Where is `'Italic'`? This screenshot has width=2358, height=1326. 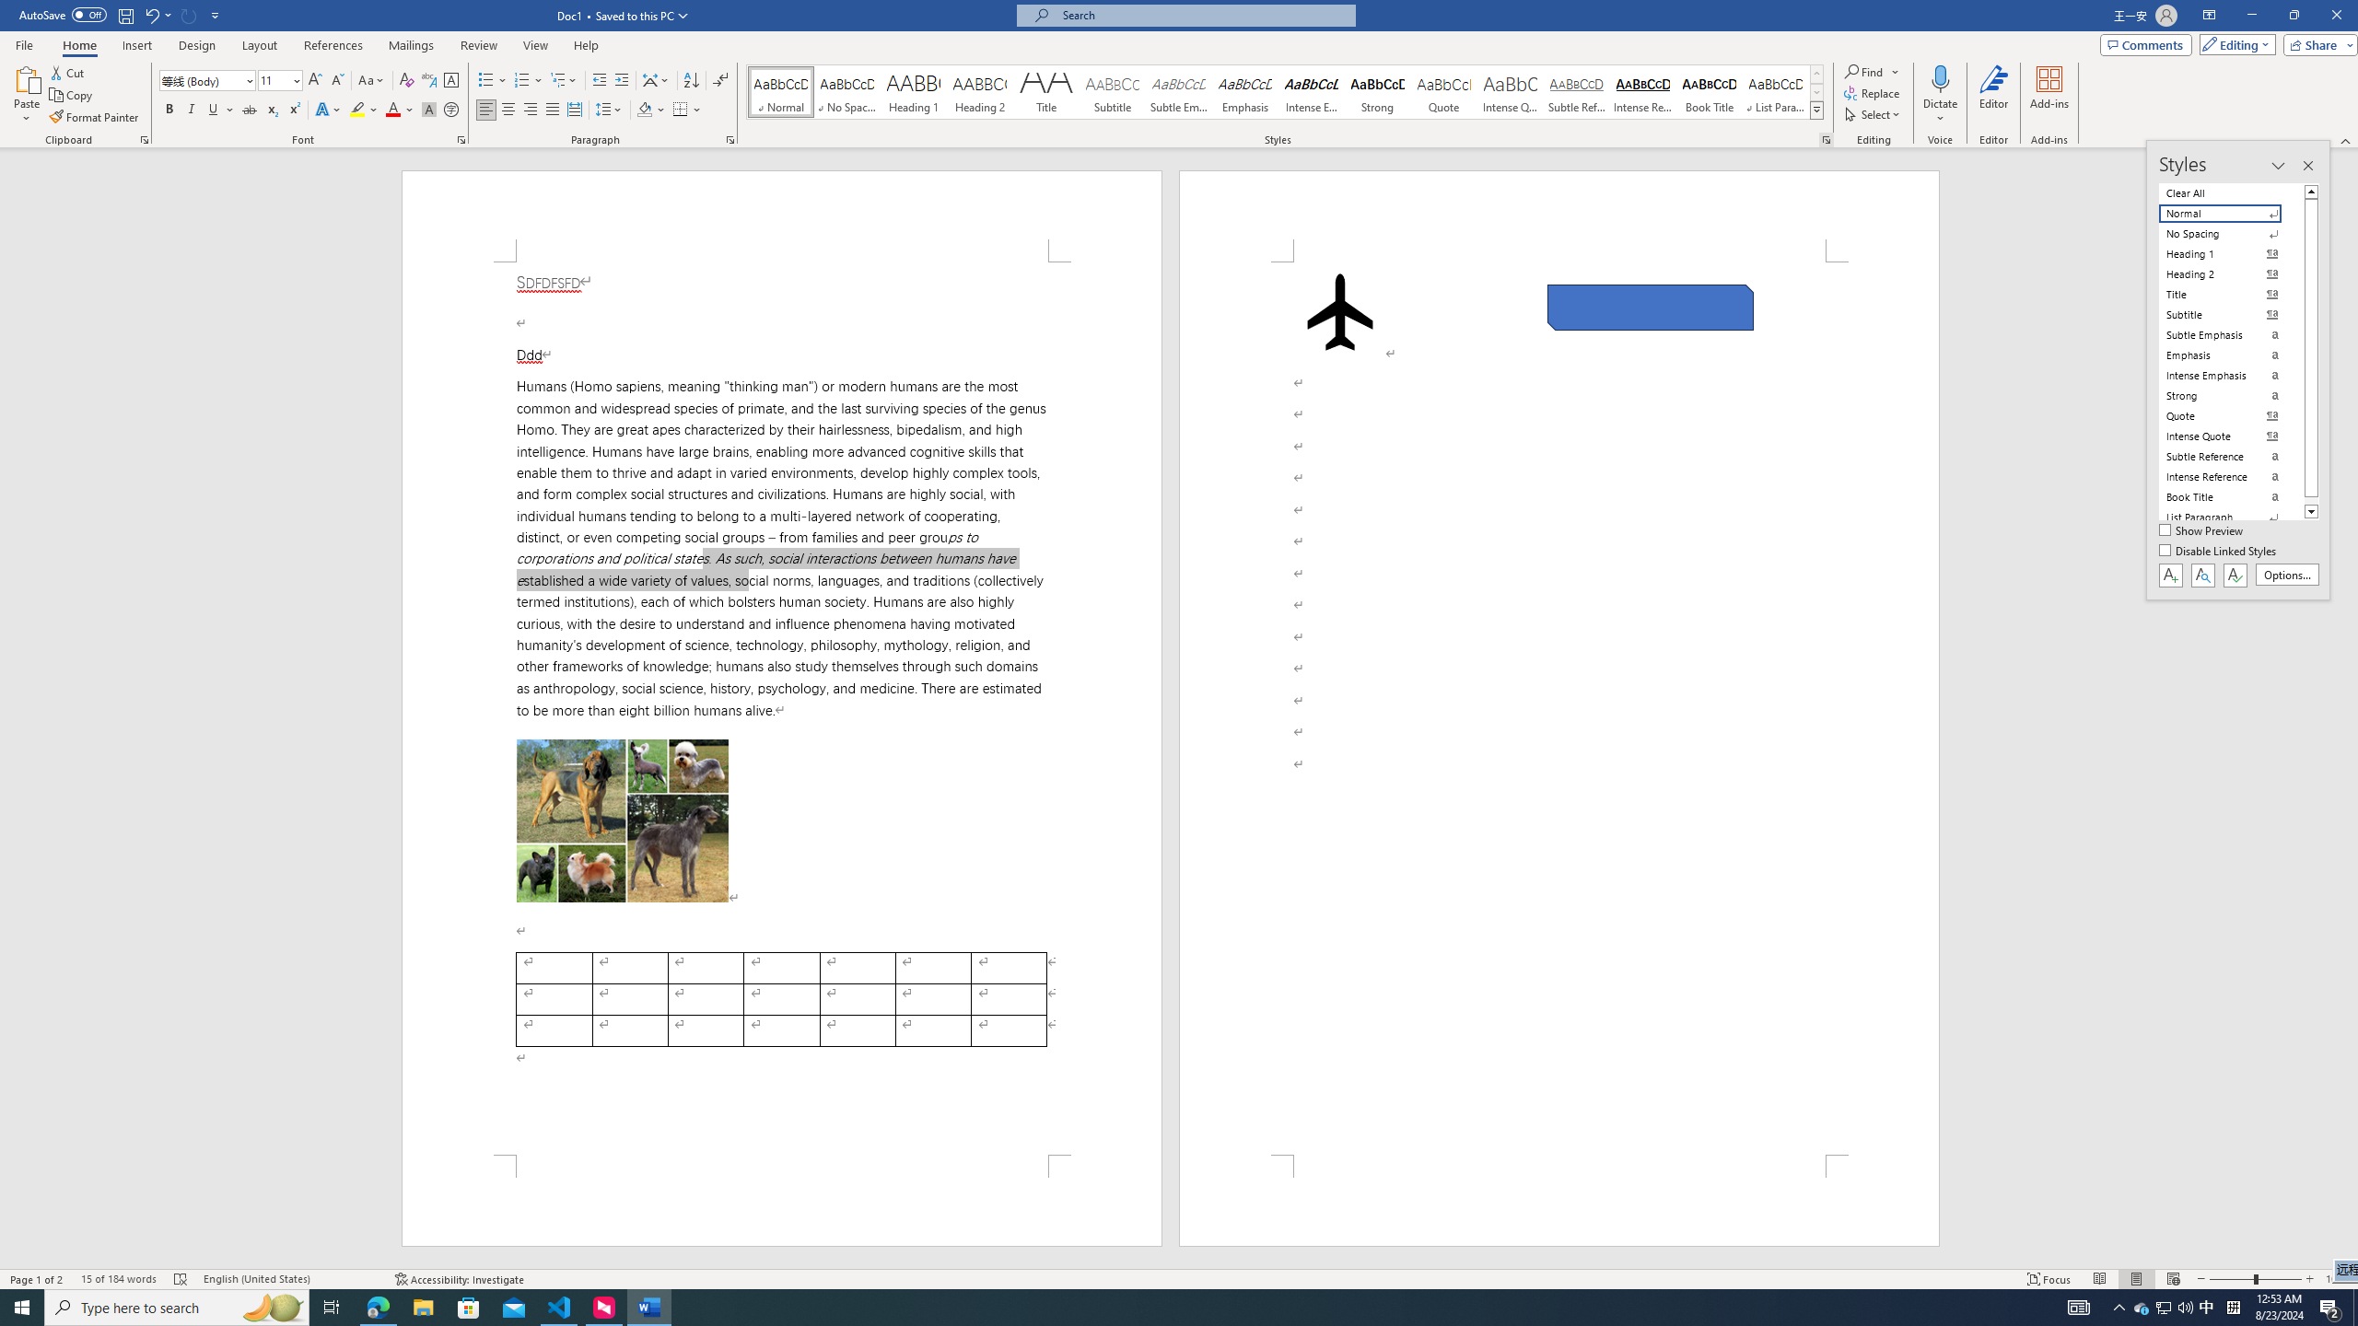 'Italic' is located at coordinates (191, 109).